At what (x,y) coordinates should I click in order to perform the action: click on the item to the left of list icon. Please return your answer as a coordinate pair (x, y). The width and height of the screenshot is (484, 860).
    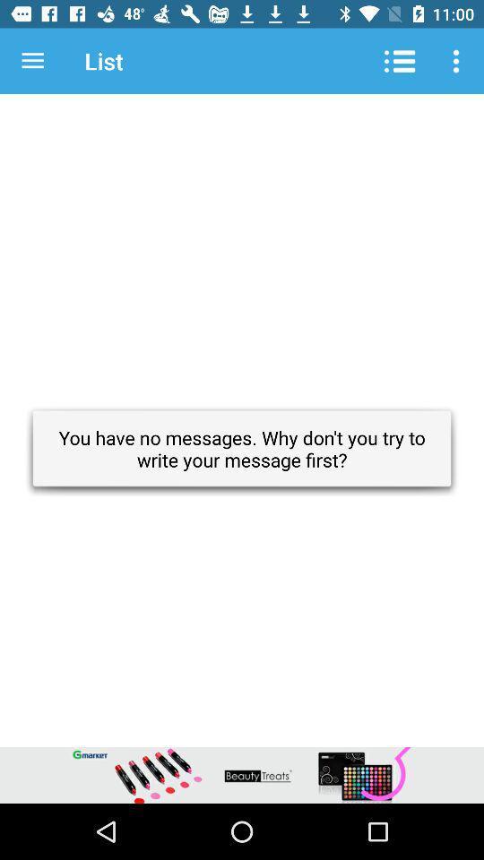
    Looking at the image, I should click on (32, 61).